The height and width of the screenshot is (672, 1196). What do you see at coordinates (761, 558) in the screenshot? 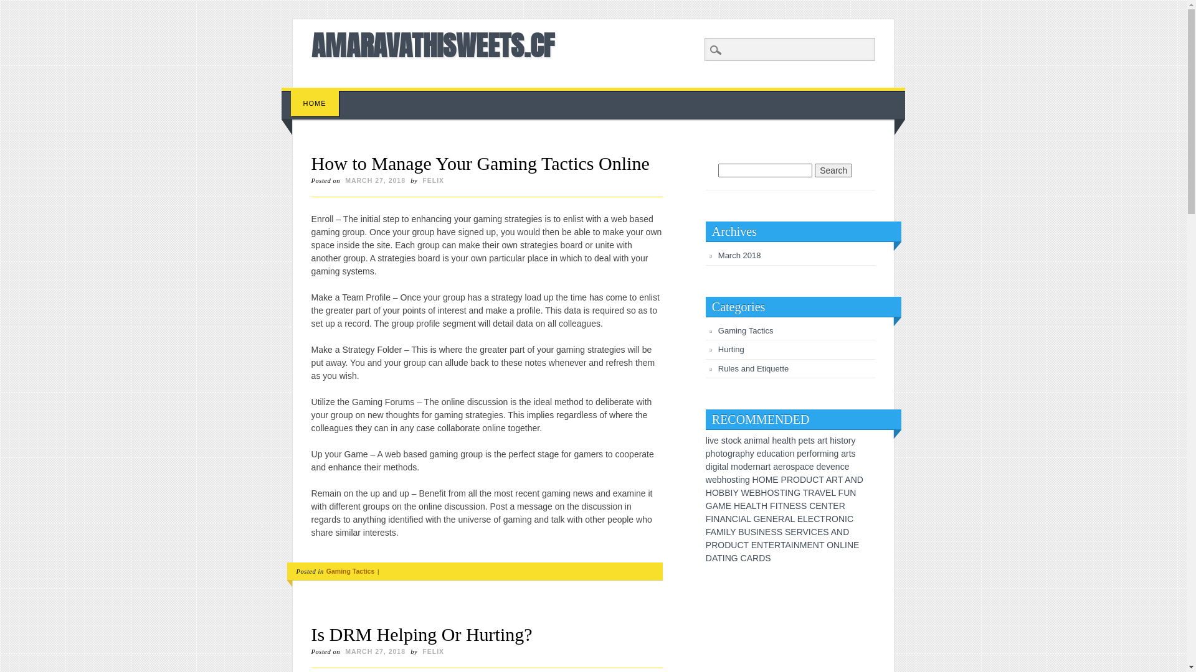
I see `'D'` at bounding box center [761, 558].